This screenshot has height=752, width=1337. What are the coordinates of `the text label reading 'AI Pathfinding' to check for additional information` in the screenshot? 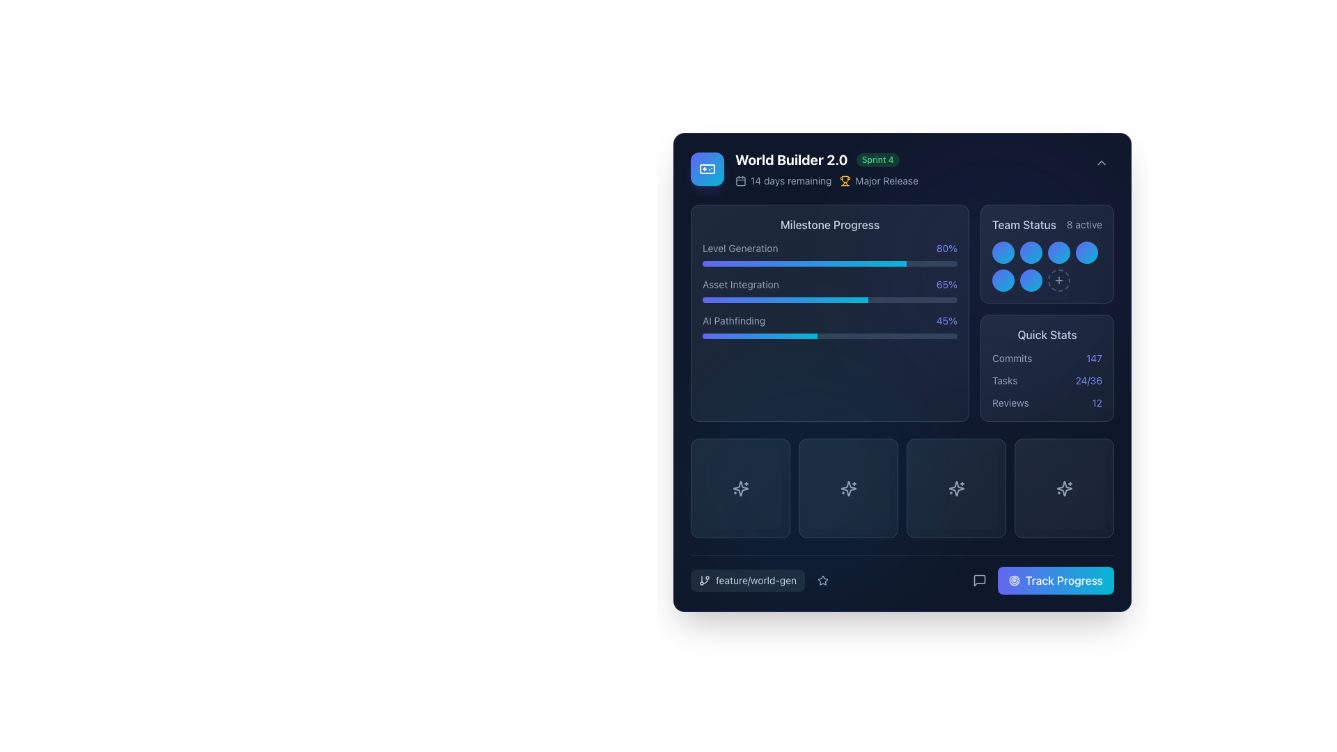 It's located at (733, 321).